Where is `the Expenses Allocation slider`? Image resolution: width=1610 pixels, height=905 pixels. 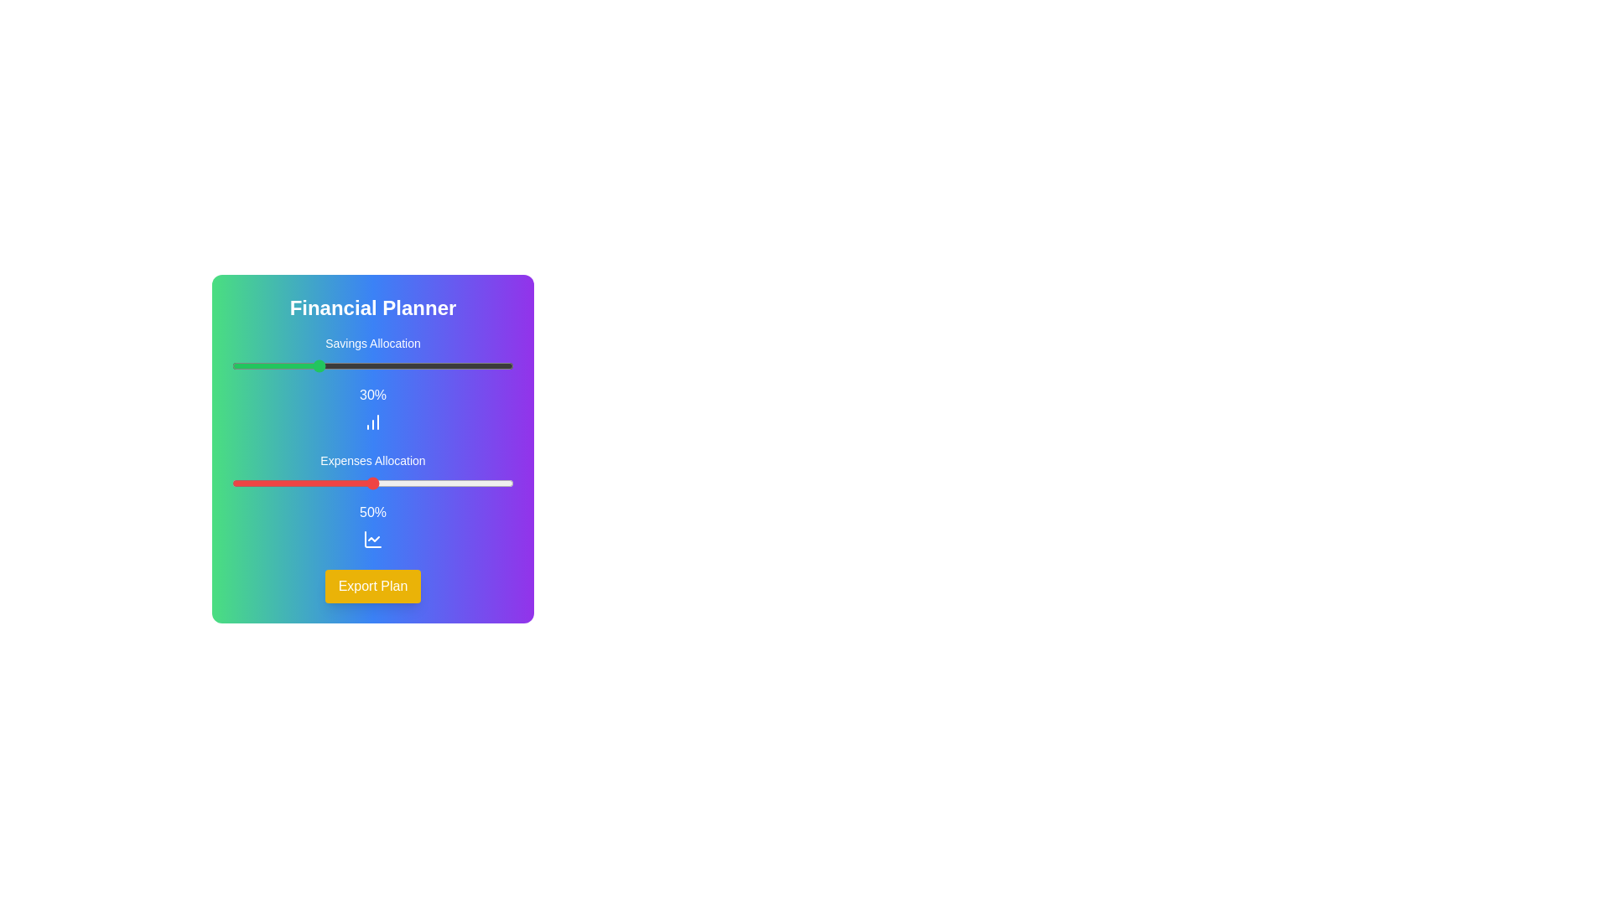 the Expenses Allocation slider is located at coordinates (352, 484).